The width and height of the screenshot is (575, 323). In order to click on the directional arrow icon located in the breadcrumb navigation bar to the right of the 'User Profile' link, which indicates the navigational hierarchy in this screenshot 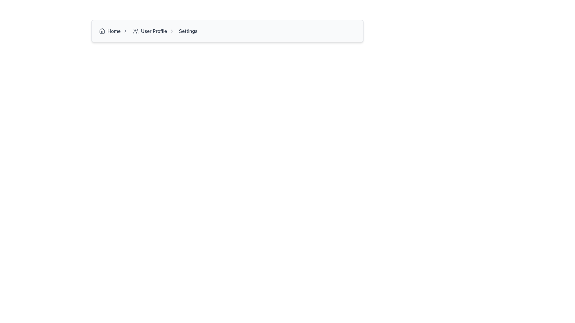, I will do `click(171, 31)`.